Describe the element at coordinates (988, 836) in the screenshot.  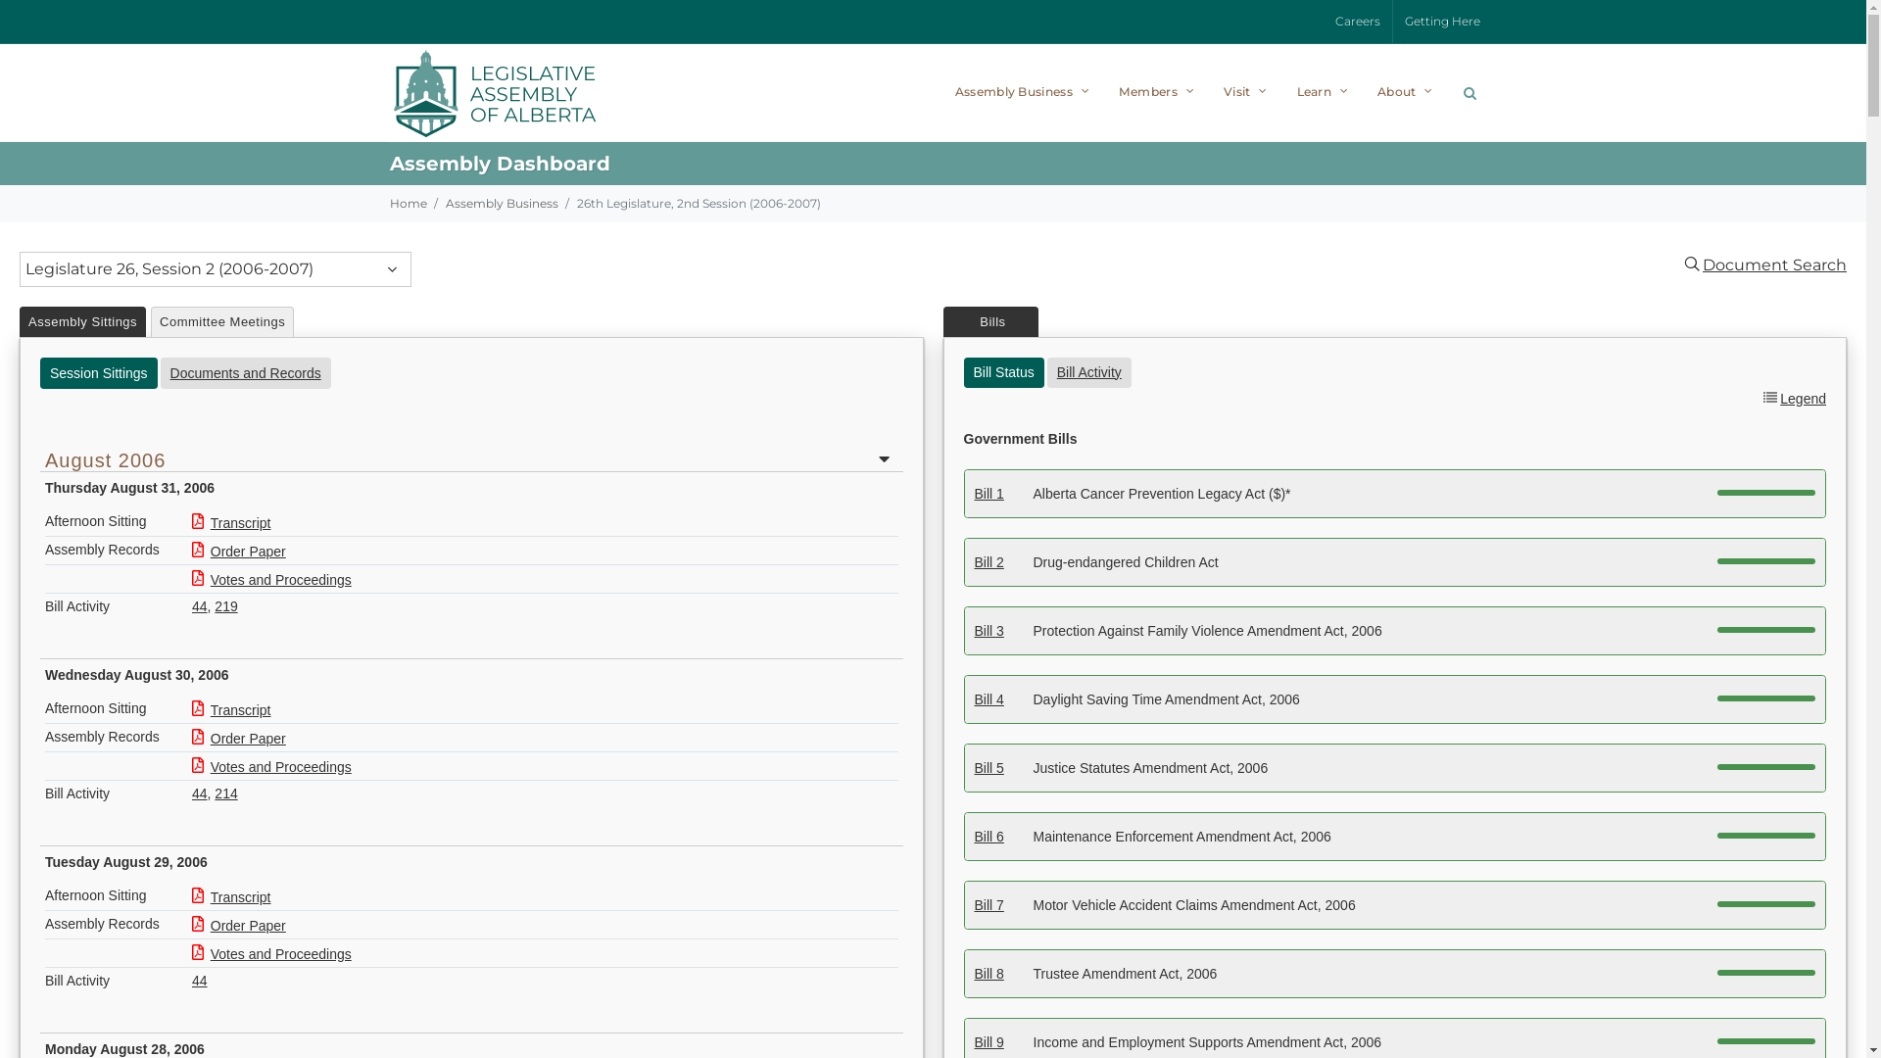
I see `'Bill 6'` at that location.